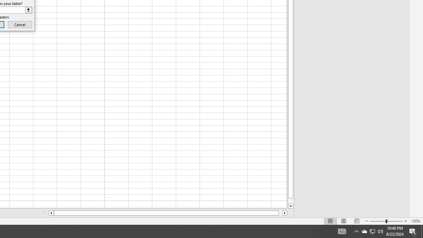  What do you see at coordinates (290, 201) in the screenshot?
I see `'Page down'` at bounding box center [290, 201].